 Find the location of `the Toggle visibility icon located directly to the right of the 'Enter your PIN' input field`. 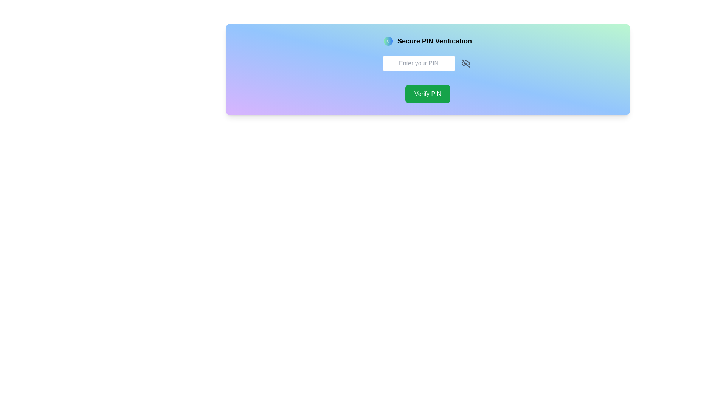

the Toggle visibility icon located directly to the right of the 'Enter your PIN' input field is located at coordinates (465, 63).